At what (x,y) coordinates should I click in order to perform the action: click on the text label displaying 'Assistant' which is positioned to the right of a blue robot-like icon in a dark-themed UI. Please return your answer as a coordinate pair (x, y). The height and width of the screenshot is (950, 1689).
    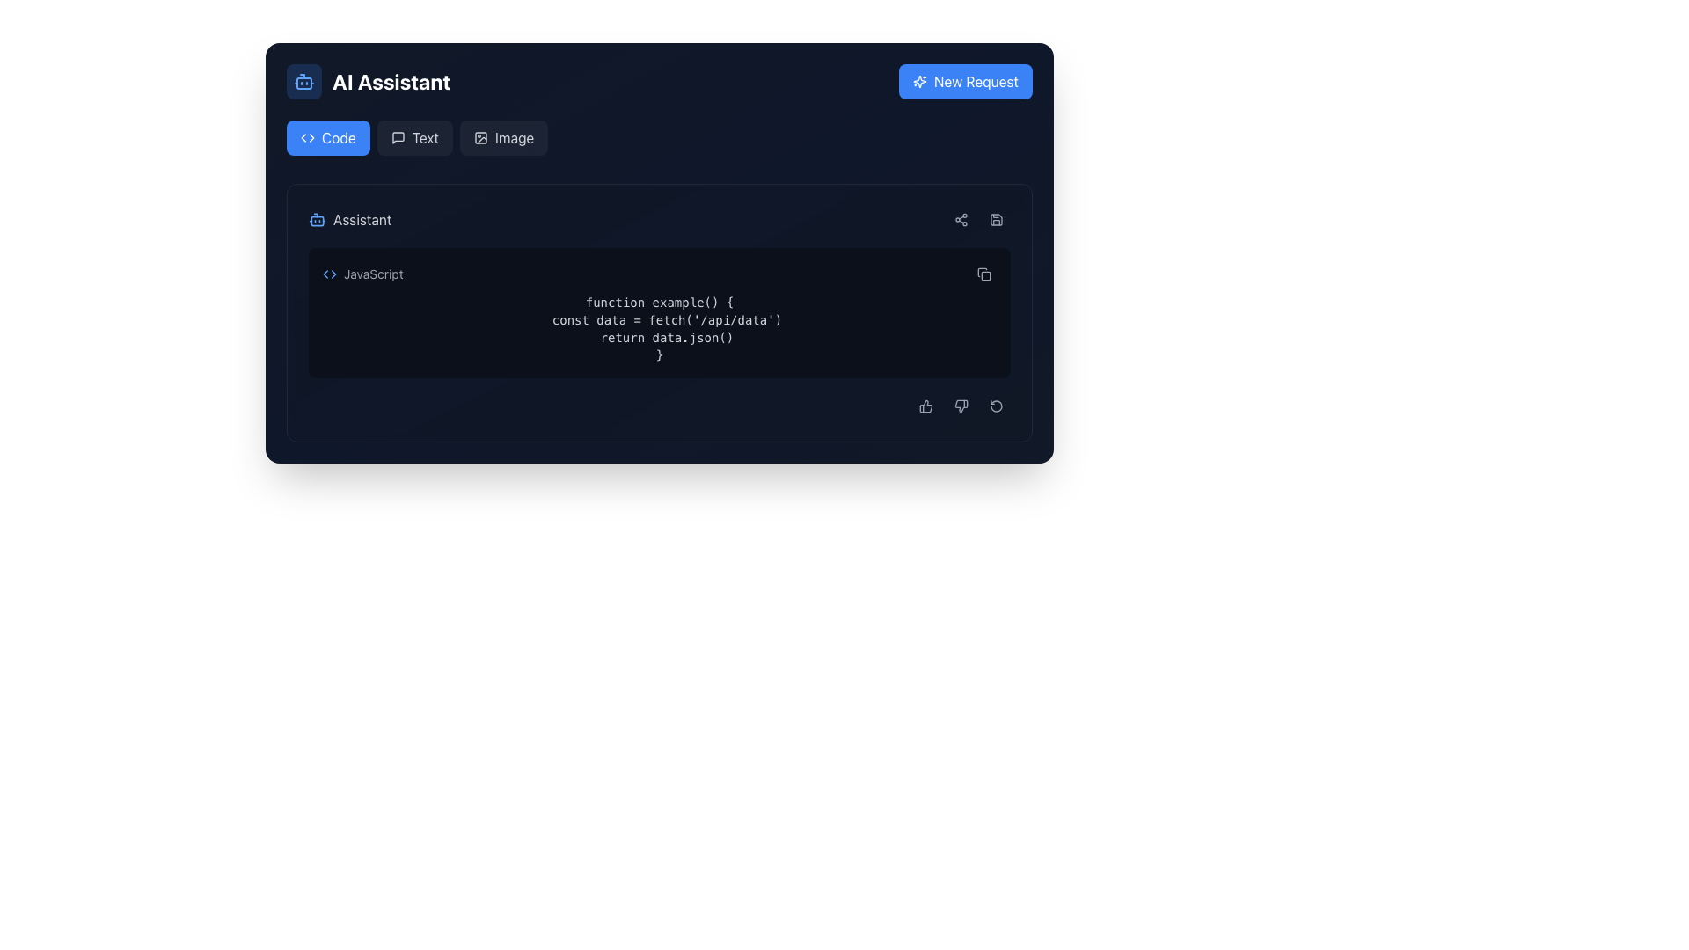
    Looking at the image, I should click on (362, 219).